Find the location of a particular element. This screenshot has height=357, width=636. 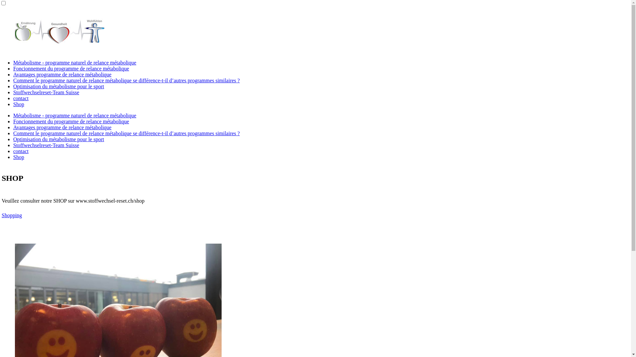

'contact' is located at coordinates (21, 151).